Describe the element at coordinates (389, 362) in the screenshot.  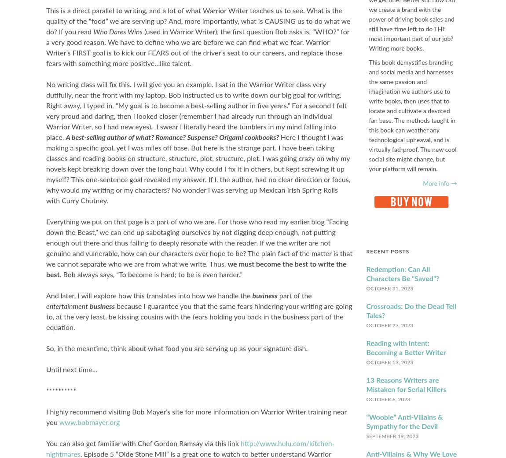
I see `'October 13, 2023'` at that location.